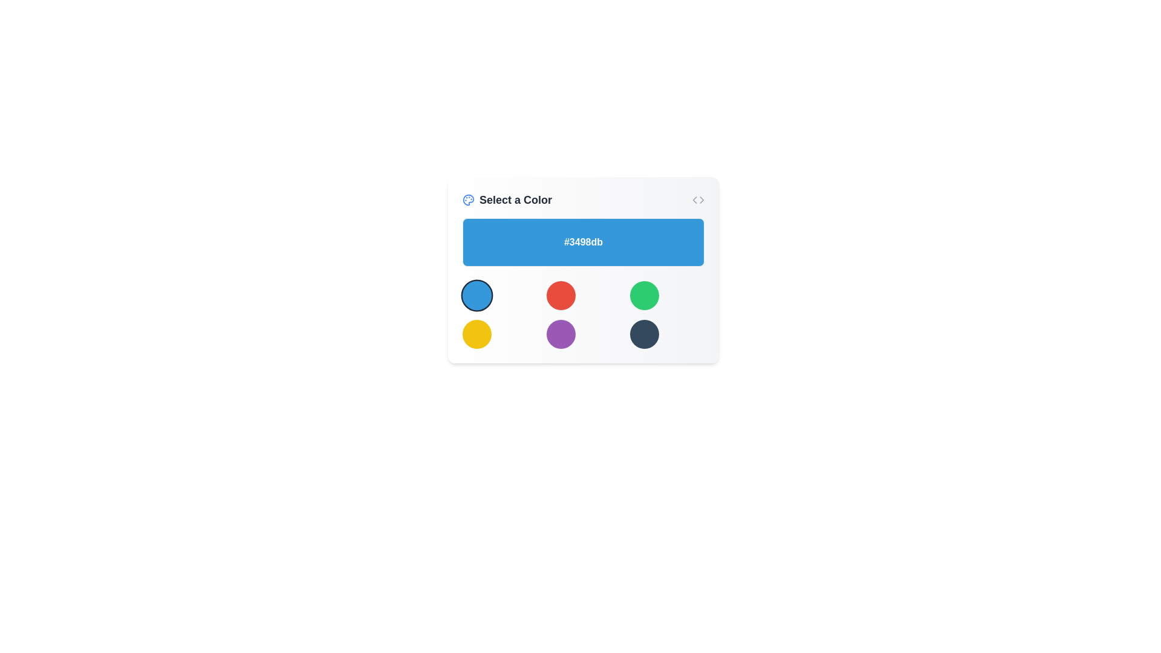 This screenshot has height=653, width=1161. I want to click on the text display element that shows the hexadecimal color code '#3498db' within the blue rectangular area labeled 'Select a Color', so click(583, 242).